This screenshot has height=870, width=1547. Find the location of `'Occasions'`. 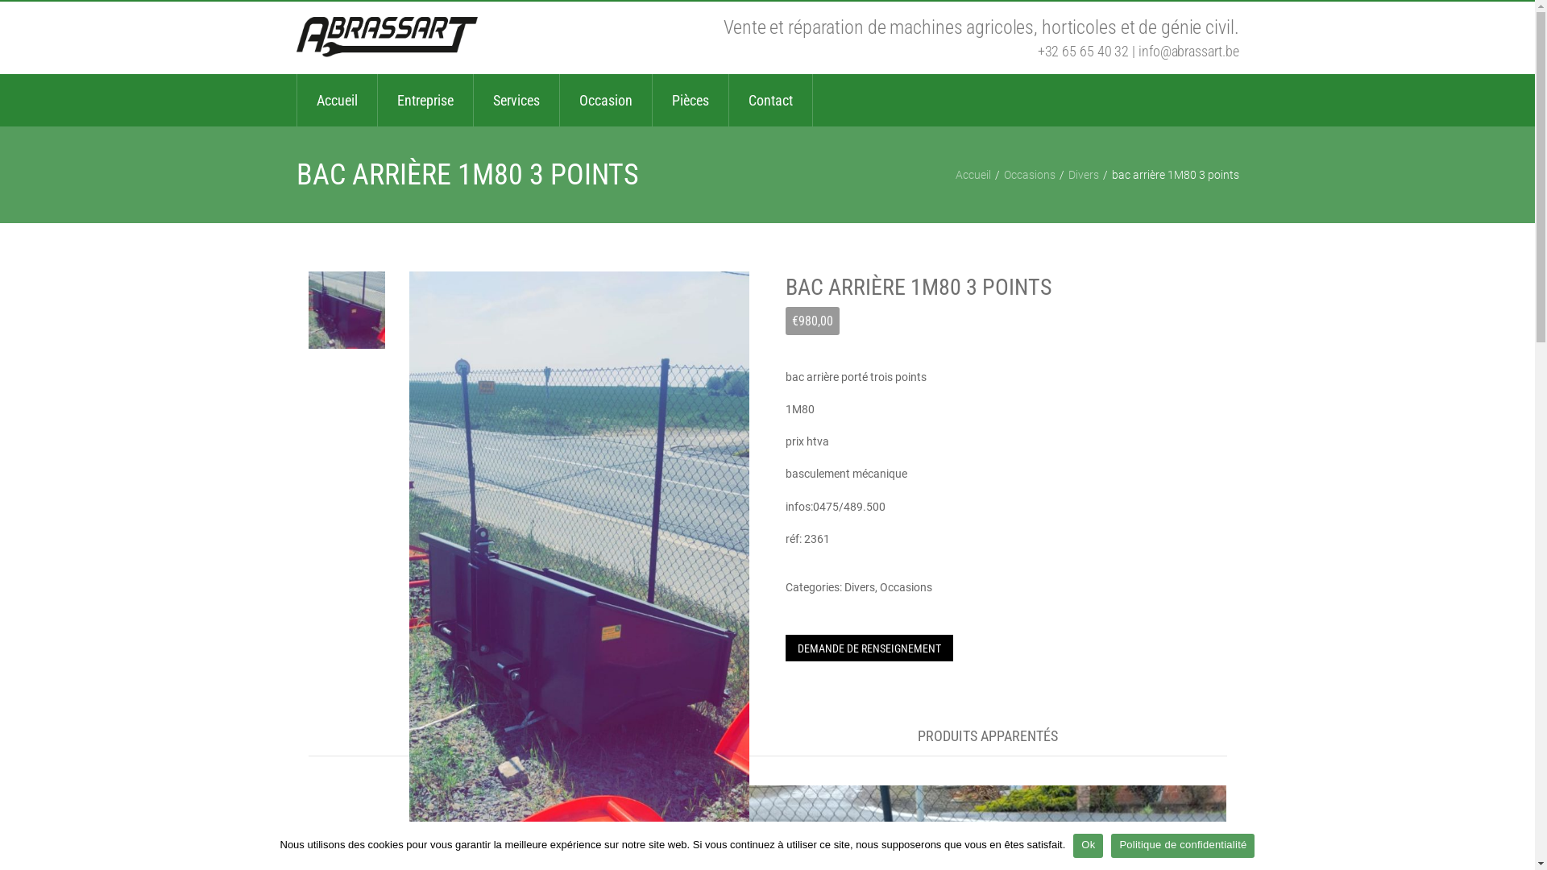

'Occasions' is located at coordinates (906, 587).